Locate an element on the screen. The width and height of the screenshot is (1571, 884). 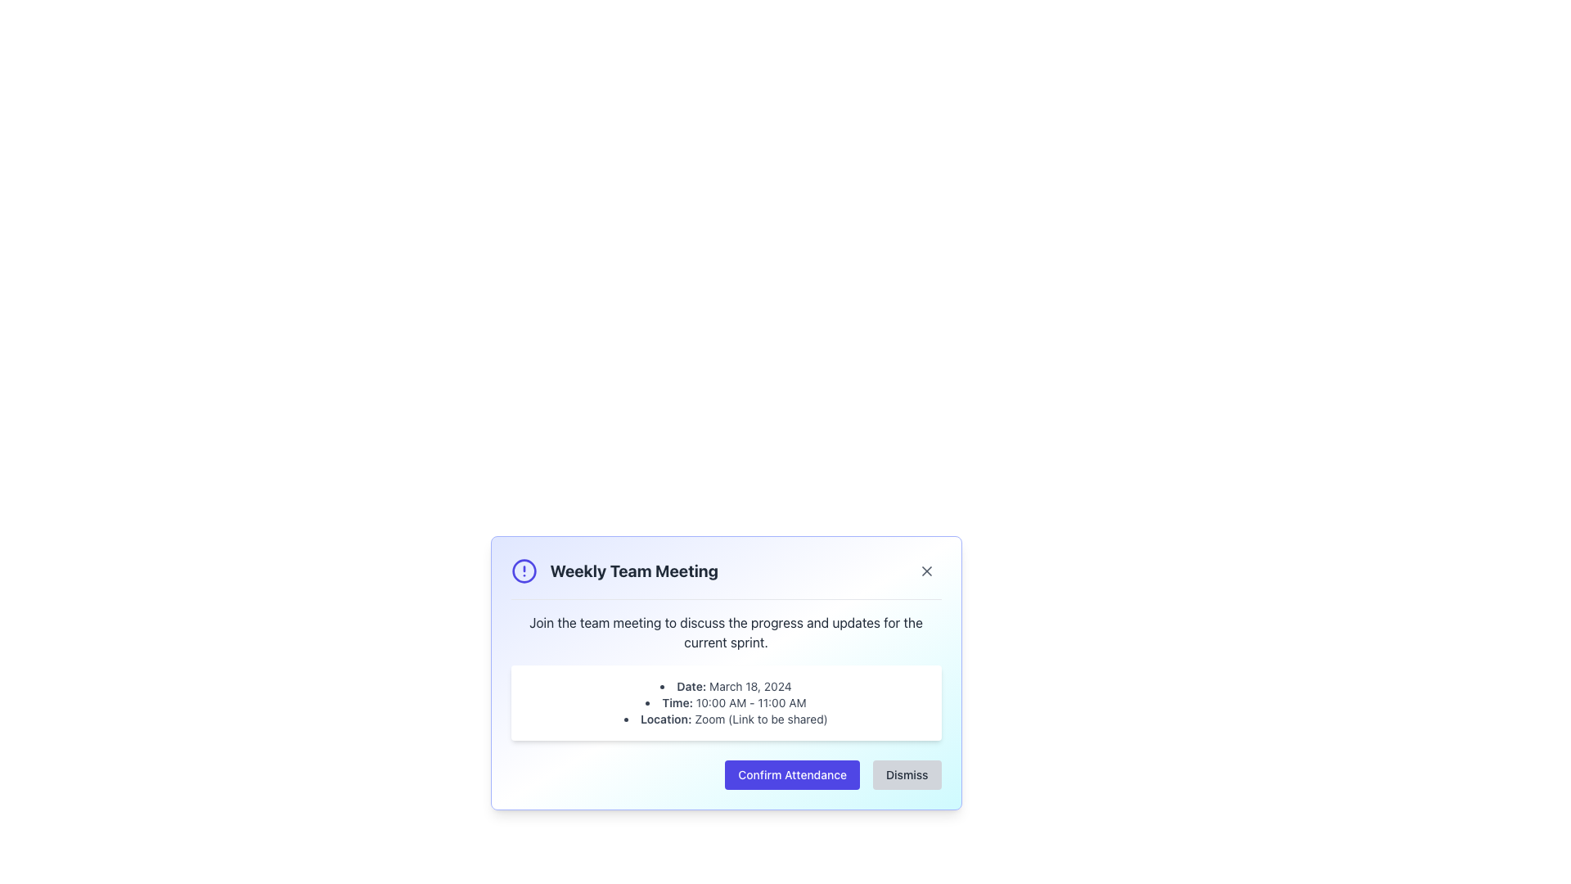
the label that identifies the date information in the meeting summary panel, positioned at the top center of the dialog, left of the date 'March 18, 2024' is located at coordinates (691, 686).